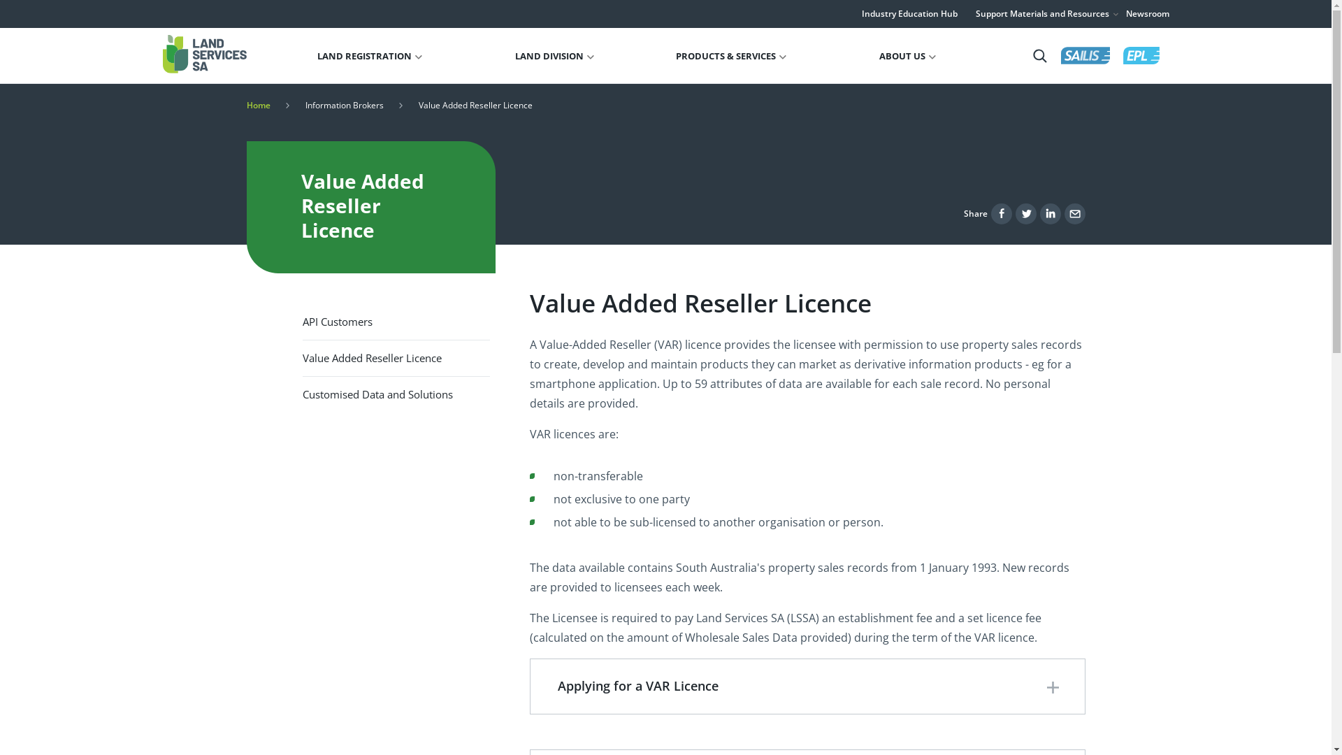 Image resolution: width=1342 pixels, height=755 pixels. What do you see at coordinates (878, 55) in the screenshot?
I see `'ABOUT US'` at bounding box center [878, 55].